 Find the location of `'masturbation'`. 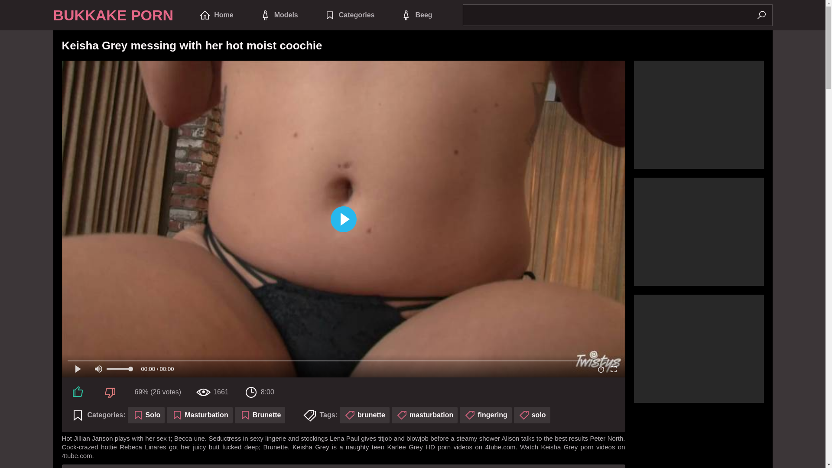

'masturbation' is located at coordinates (424, 414).